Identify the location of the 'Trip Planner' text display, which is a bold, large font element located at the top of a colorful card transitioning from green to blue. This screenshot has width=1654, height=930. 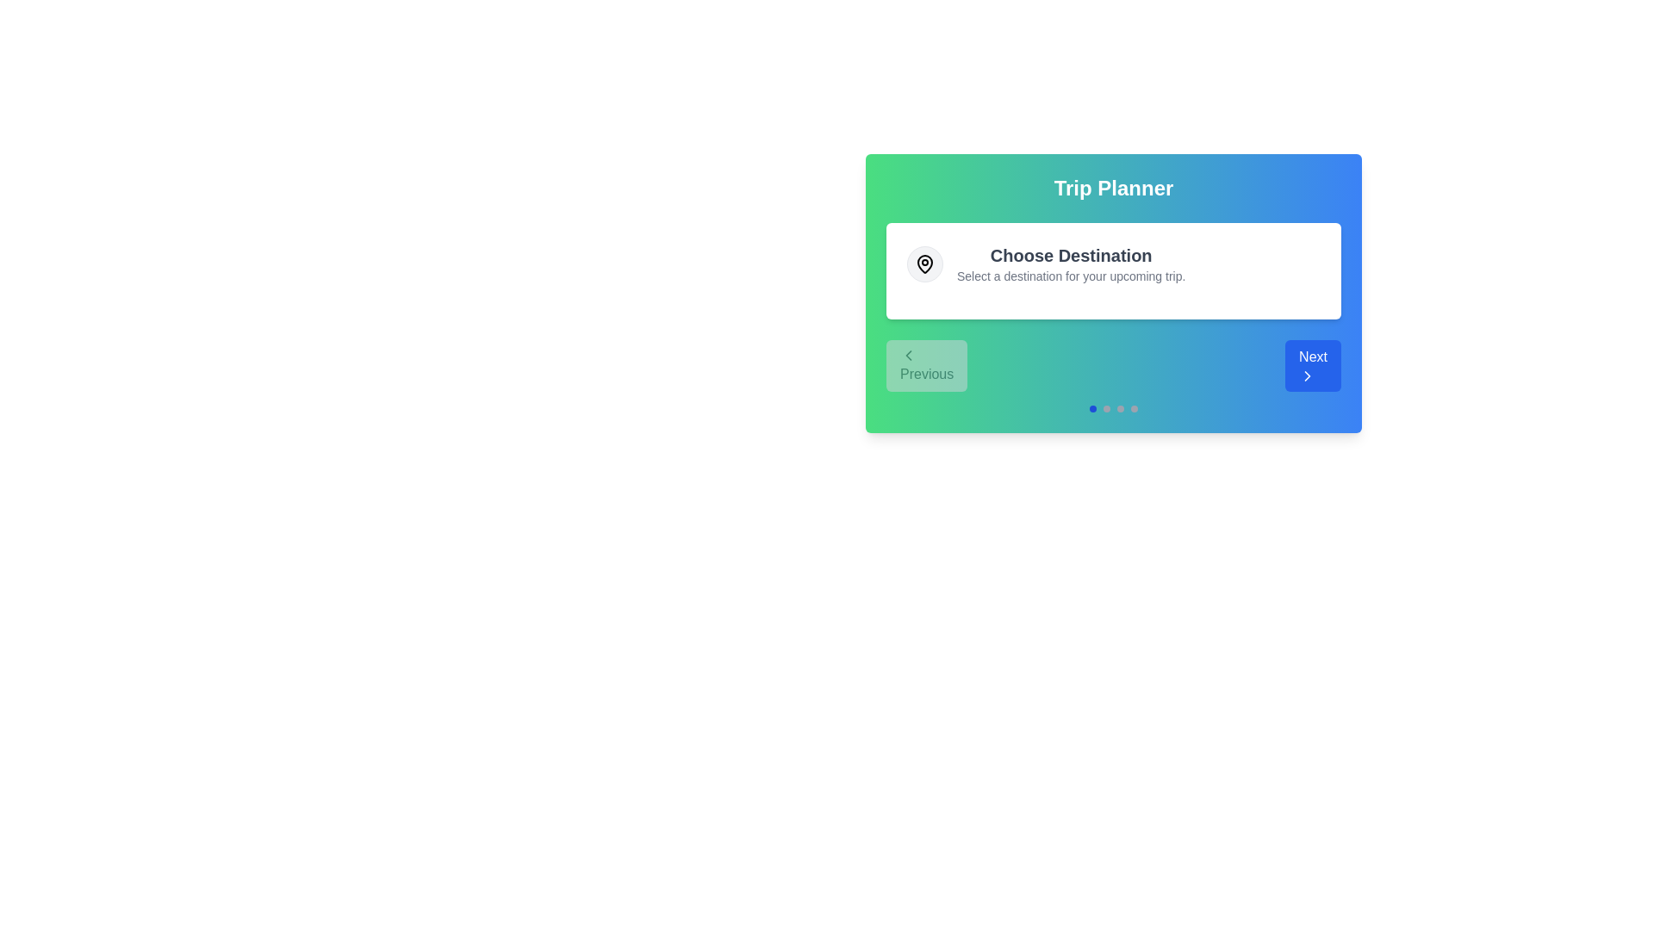
(1113, 189).